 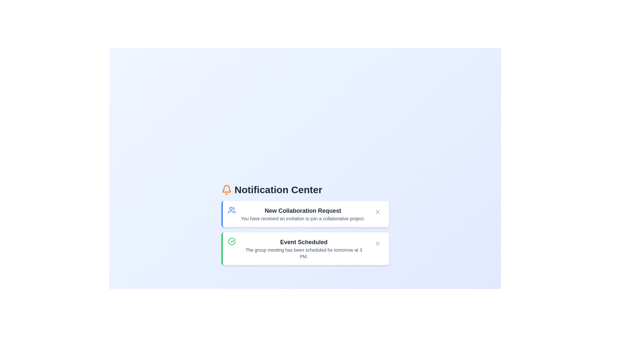 I want to click on message from the second item inside the 'New Collaboration Request' notification, located below the bolded title text, so click(x=303, y=218).